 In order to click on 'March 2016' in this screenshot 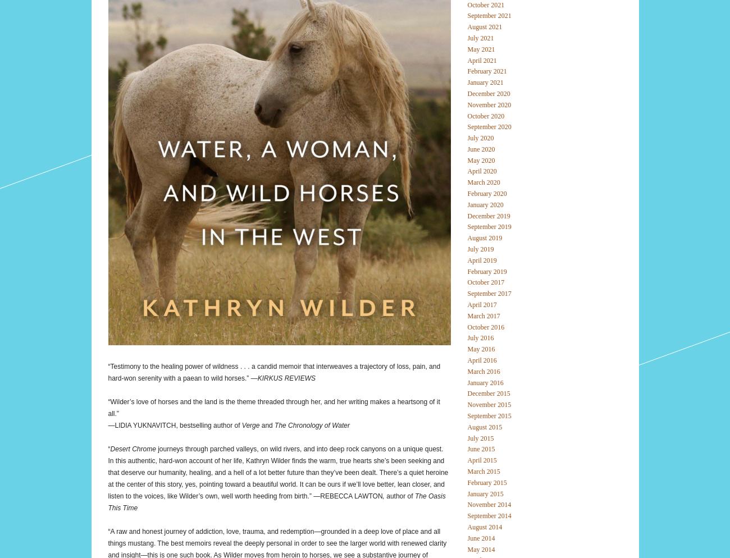, I will do `click(483, 371)`.